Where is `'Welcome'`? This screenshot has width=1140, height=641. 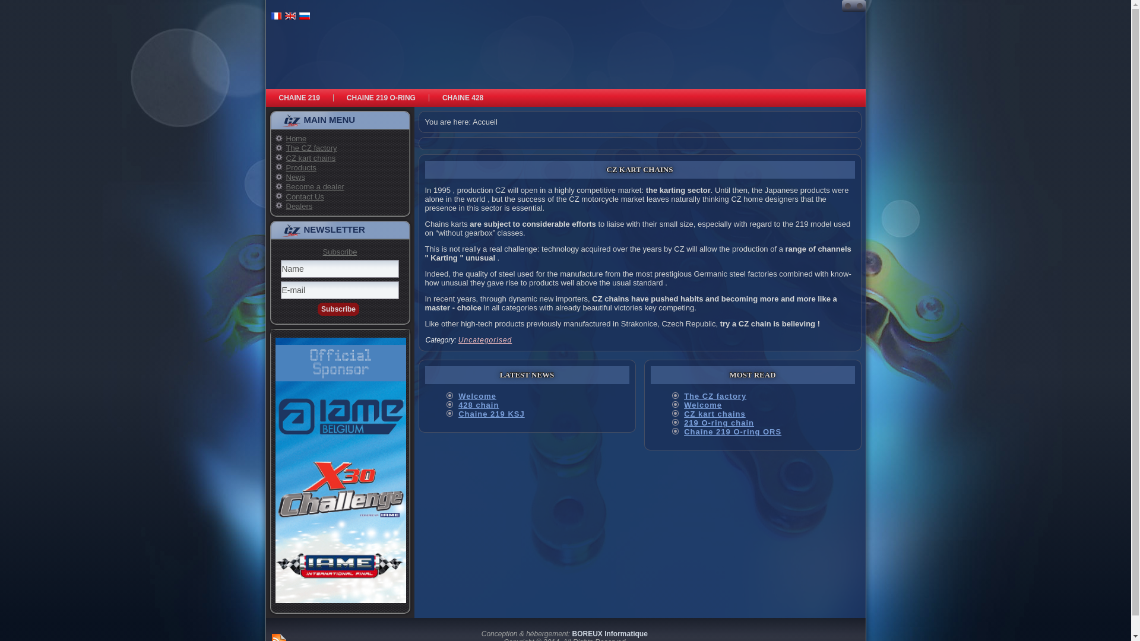 'Welcome' is located at coordinates (703, 404).